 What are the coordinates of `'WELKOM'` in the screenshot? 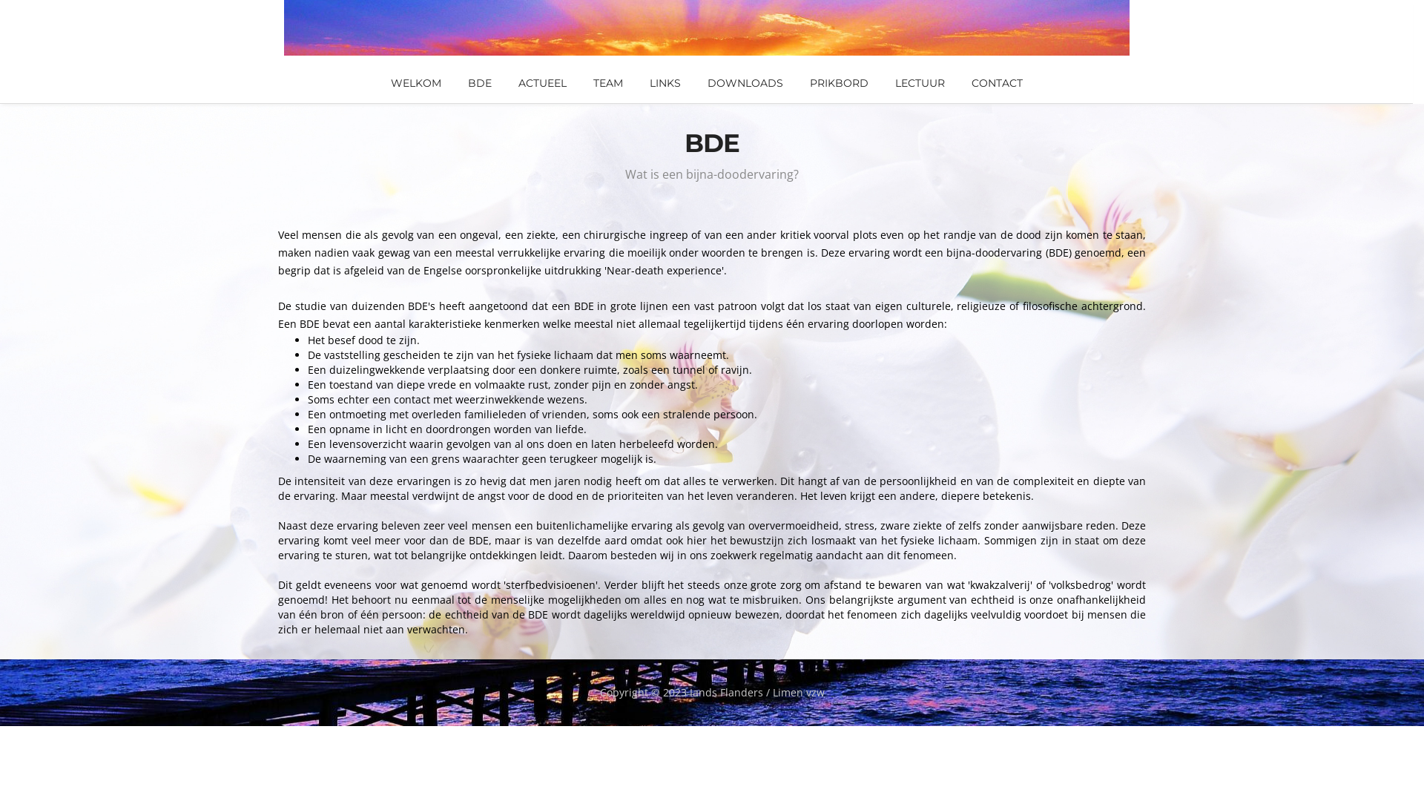 It's located at (415, 82).